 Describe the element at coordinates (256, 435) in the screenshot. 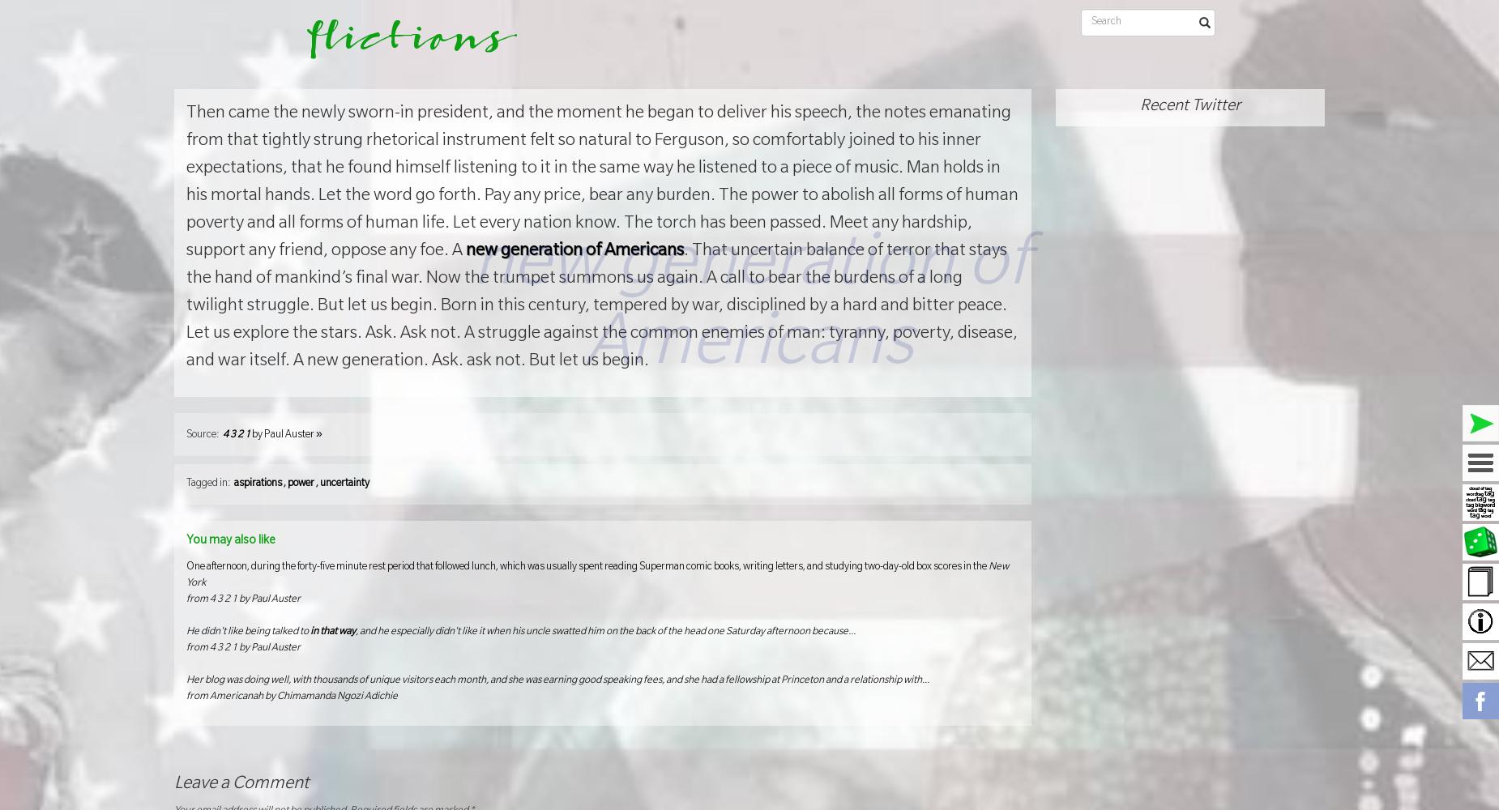

I see `'by'` at that location.